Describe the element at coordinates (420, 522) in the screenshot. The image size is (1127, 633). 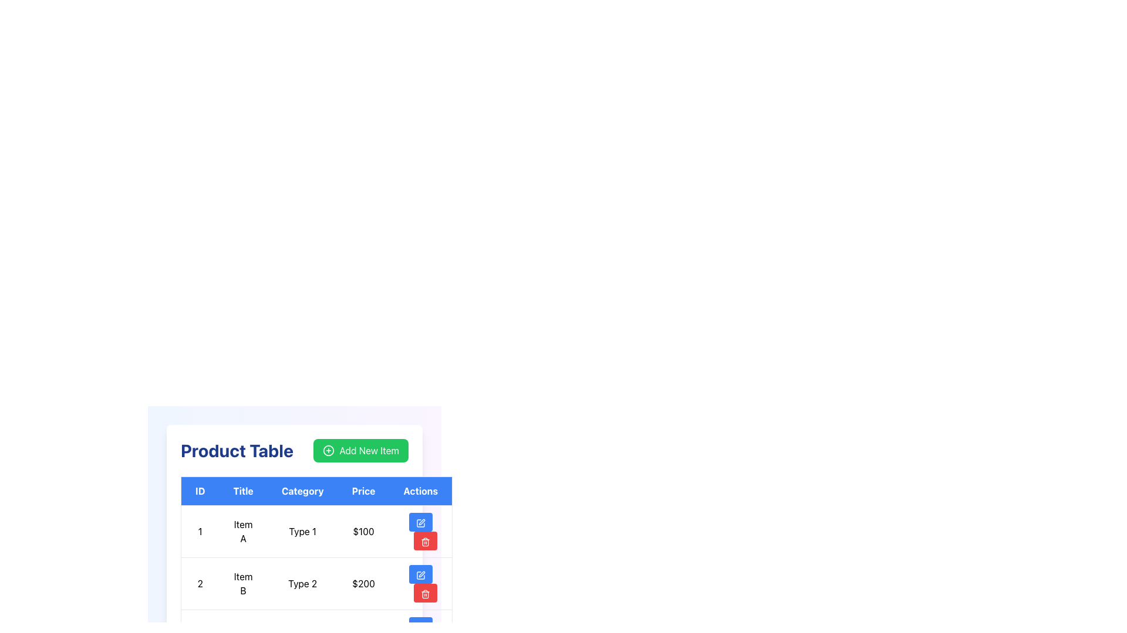
I see `the edit button located in the first row of the data table under the 'Actions' column` at that location.